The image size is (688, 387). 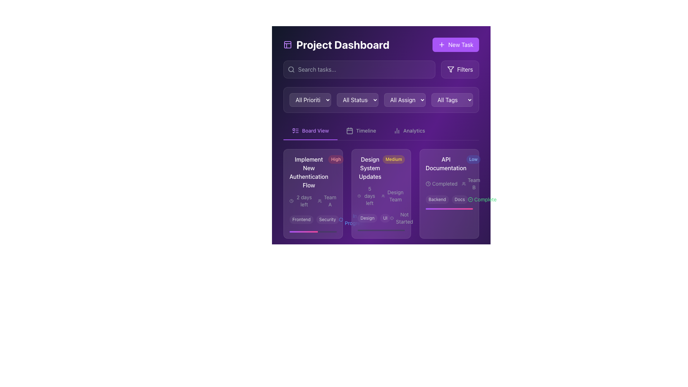 I want to click on Circular border graphic within the SVG clock icon located in the 'API Documentation' card in the third column of the 'Board View' section, so click(x=428, y=183).